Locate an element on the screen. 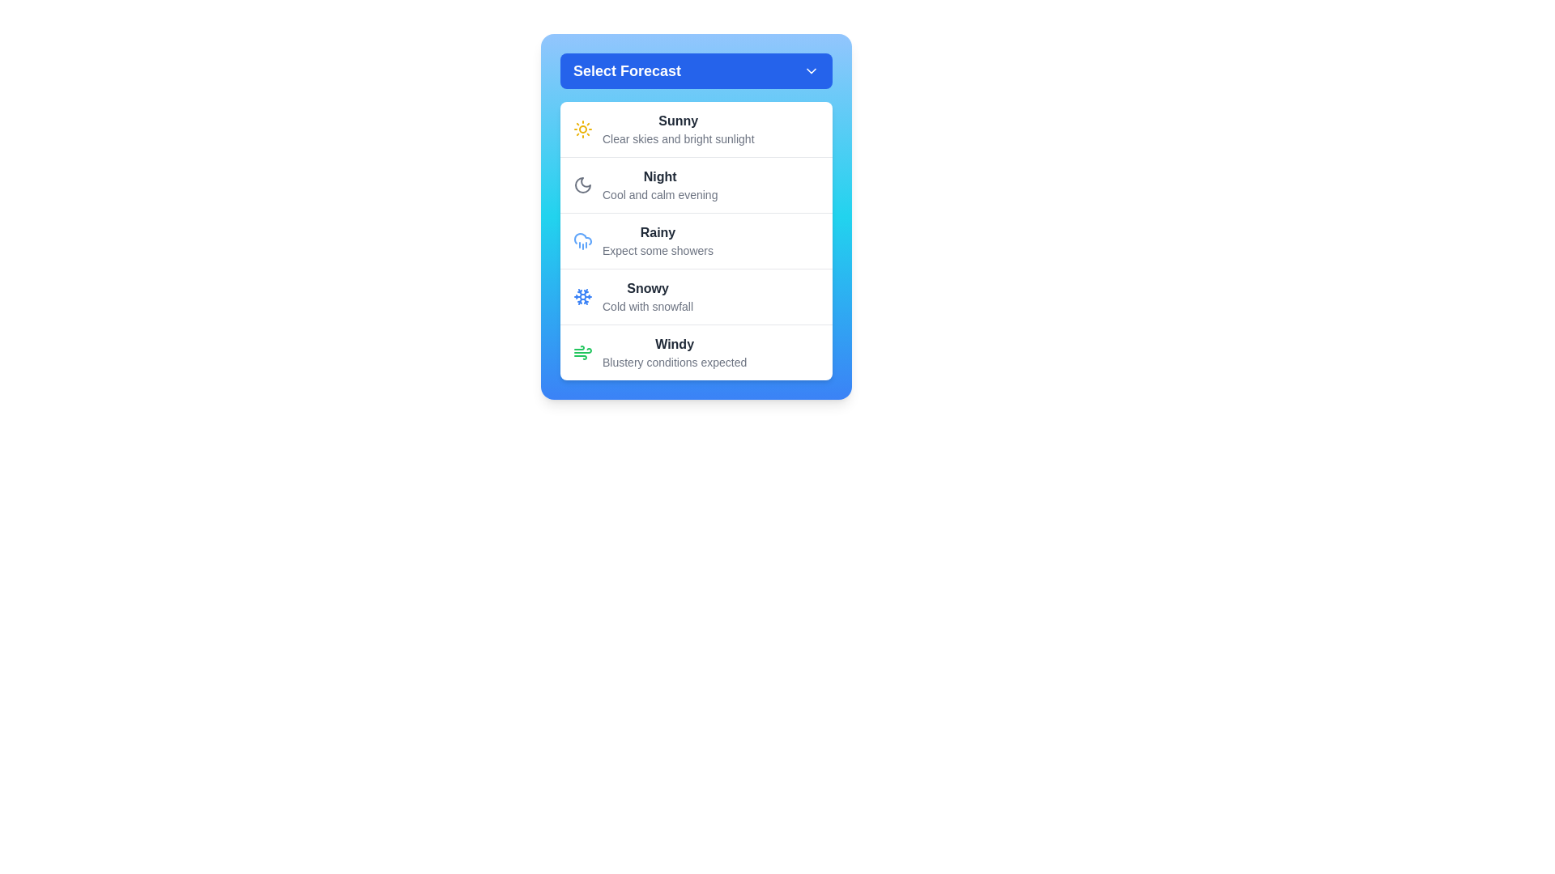 The height and width of the screenshot is (874, 1555). the first selectable weather forecast option in the dropdown menu labeled 'Select Forecast' is located at coordinates (678, 128).